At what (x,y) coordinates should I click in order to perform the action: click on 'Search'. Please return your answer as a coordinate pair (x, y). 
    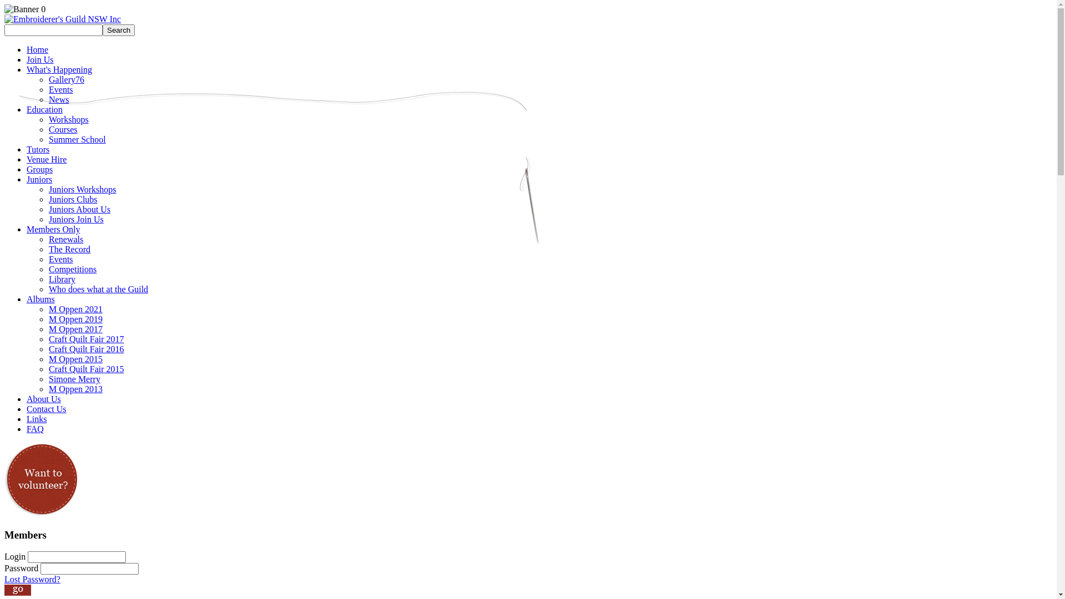
    Looking at the image, I should click on (103, 29).